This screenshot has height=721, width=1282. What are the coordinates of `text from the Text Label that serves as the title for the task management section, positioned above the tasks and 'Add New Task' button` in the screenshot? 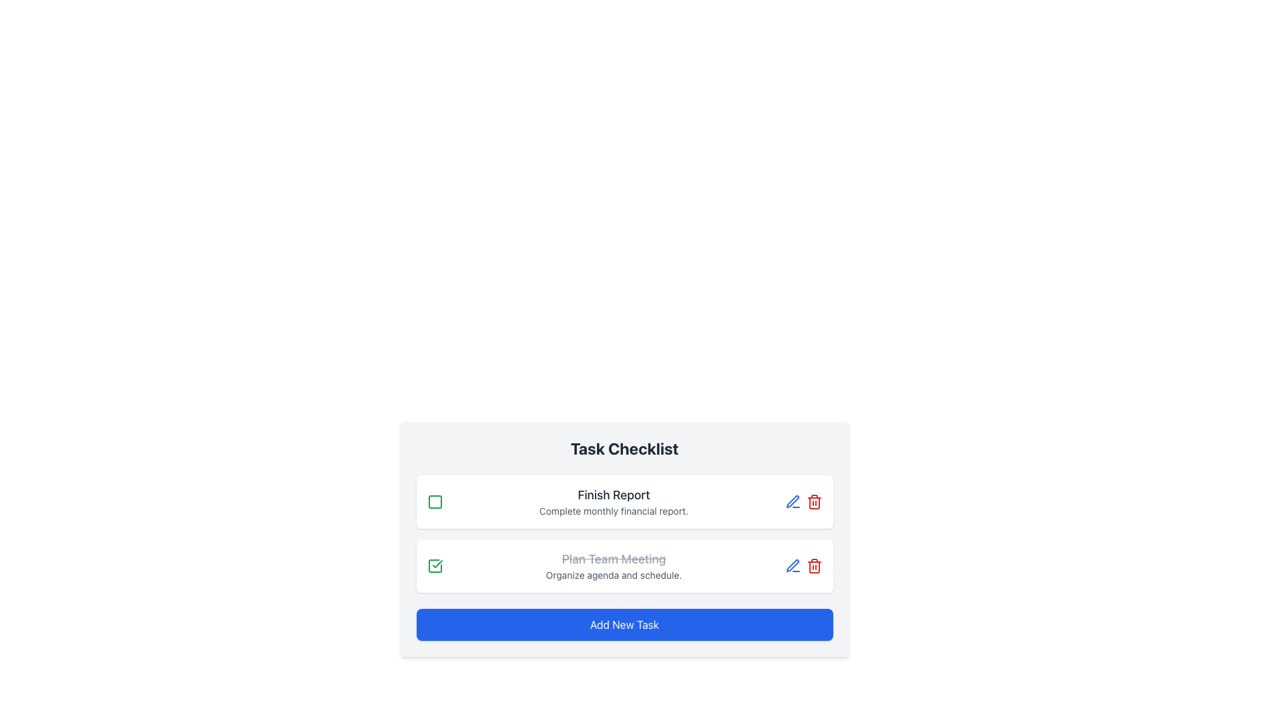 It's located at (624, 448).